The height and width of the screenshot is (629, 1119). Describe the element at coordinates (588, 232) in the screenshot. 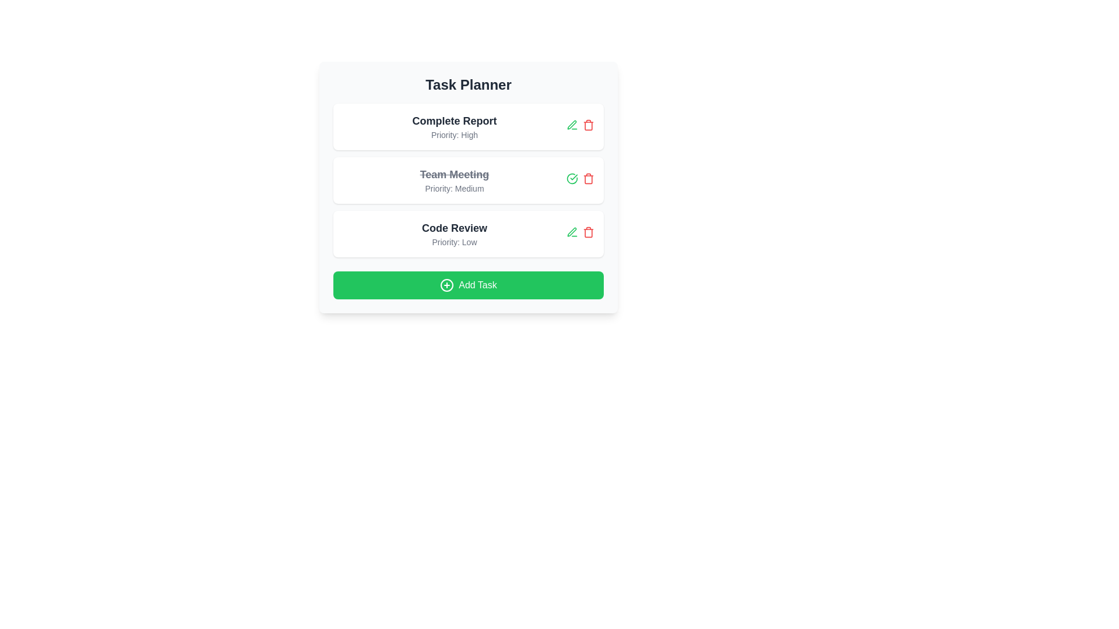

I see `the delete button for the task with title Code Review` at that location.